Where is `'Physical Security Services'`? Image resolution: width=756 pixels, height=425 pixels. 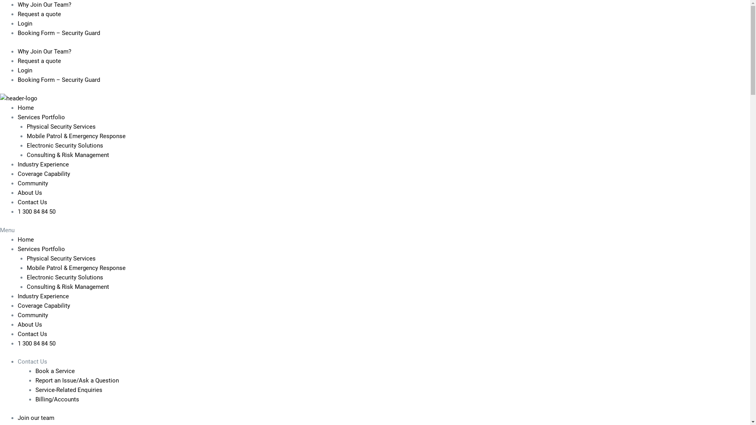
'Physical Security Services' is located at coordinates (61, 126).